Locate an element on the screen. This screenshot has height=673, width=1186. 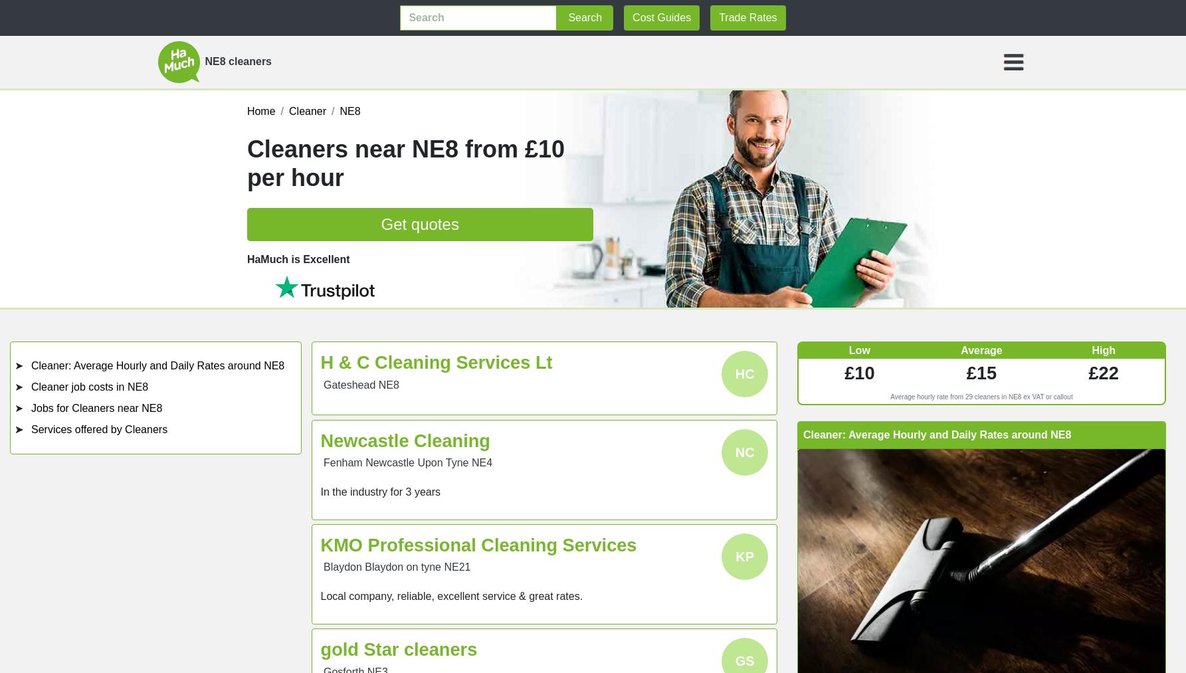
'Services offered by Cleaners' is located at coordinates (98, 429).